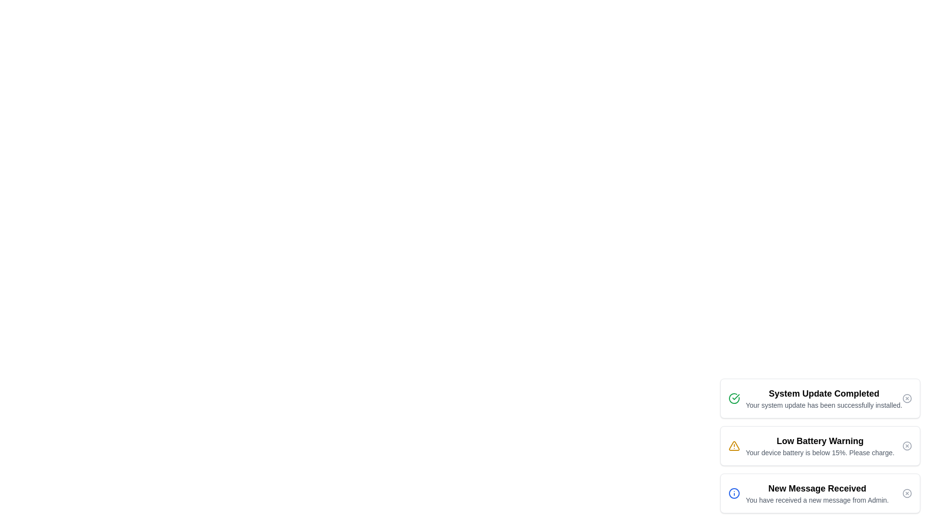  Describe the element at coordinates (734, 446) in the screenshot. I see `the alert icon indicating low battery condition, which is located within the 'Low Battery Warning' notification, to the left of the text content` at that location.